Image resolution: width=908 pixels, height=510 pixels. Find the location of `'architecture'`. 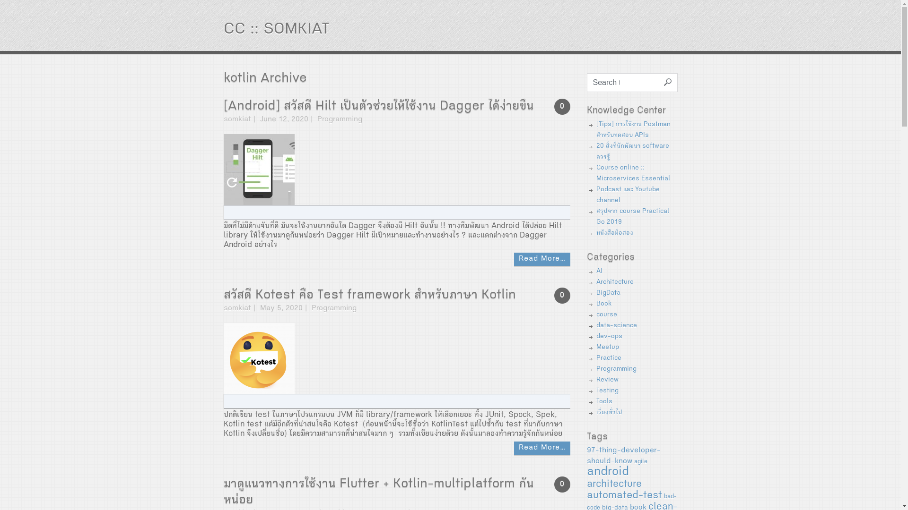

'architecture' is located at coordinates (613, 484).